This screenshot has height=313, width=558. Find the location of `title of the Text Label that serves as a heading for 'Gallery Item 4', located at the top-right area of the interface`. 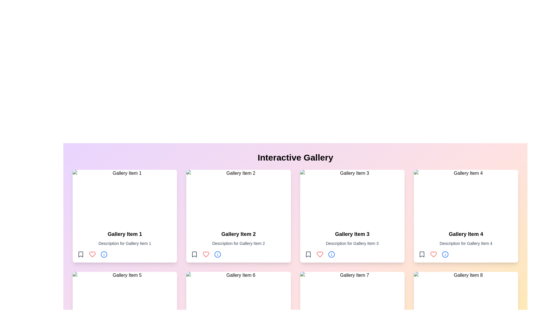

title of the Text Label that serves as a heading for 'Gallery Item 4', located at the top-right area of the interface is located at coordinates (466, 234).